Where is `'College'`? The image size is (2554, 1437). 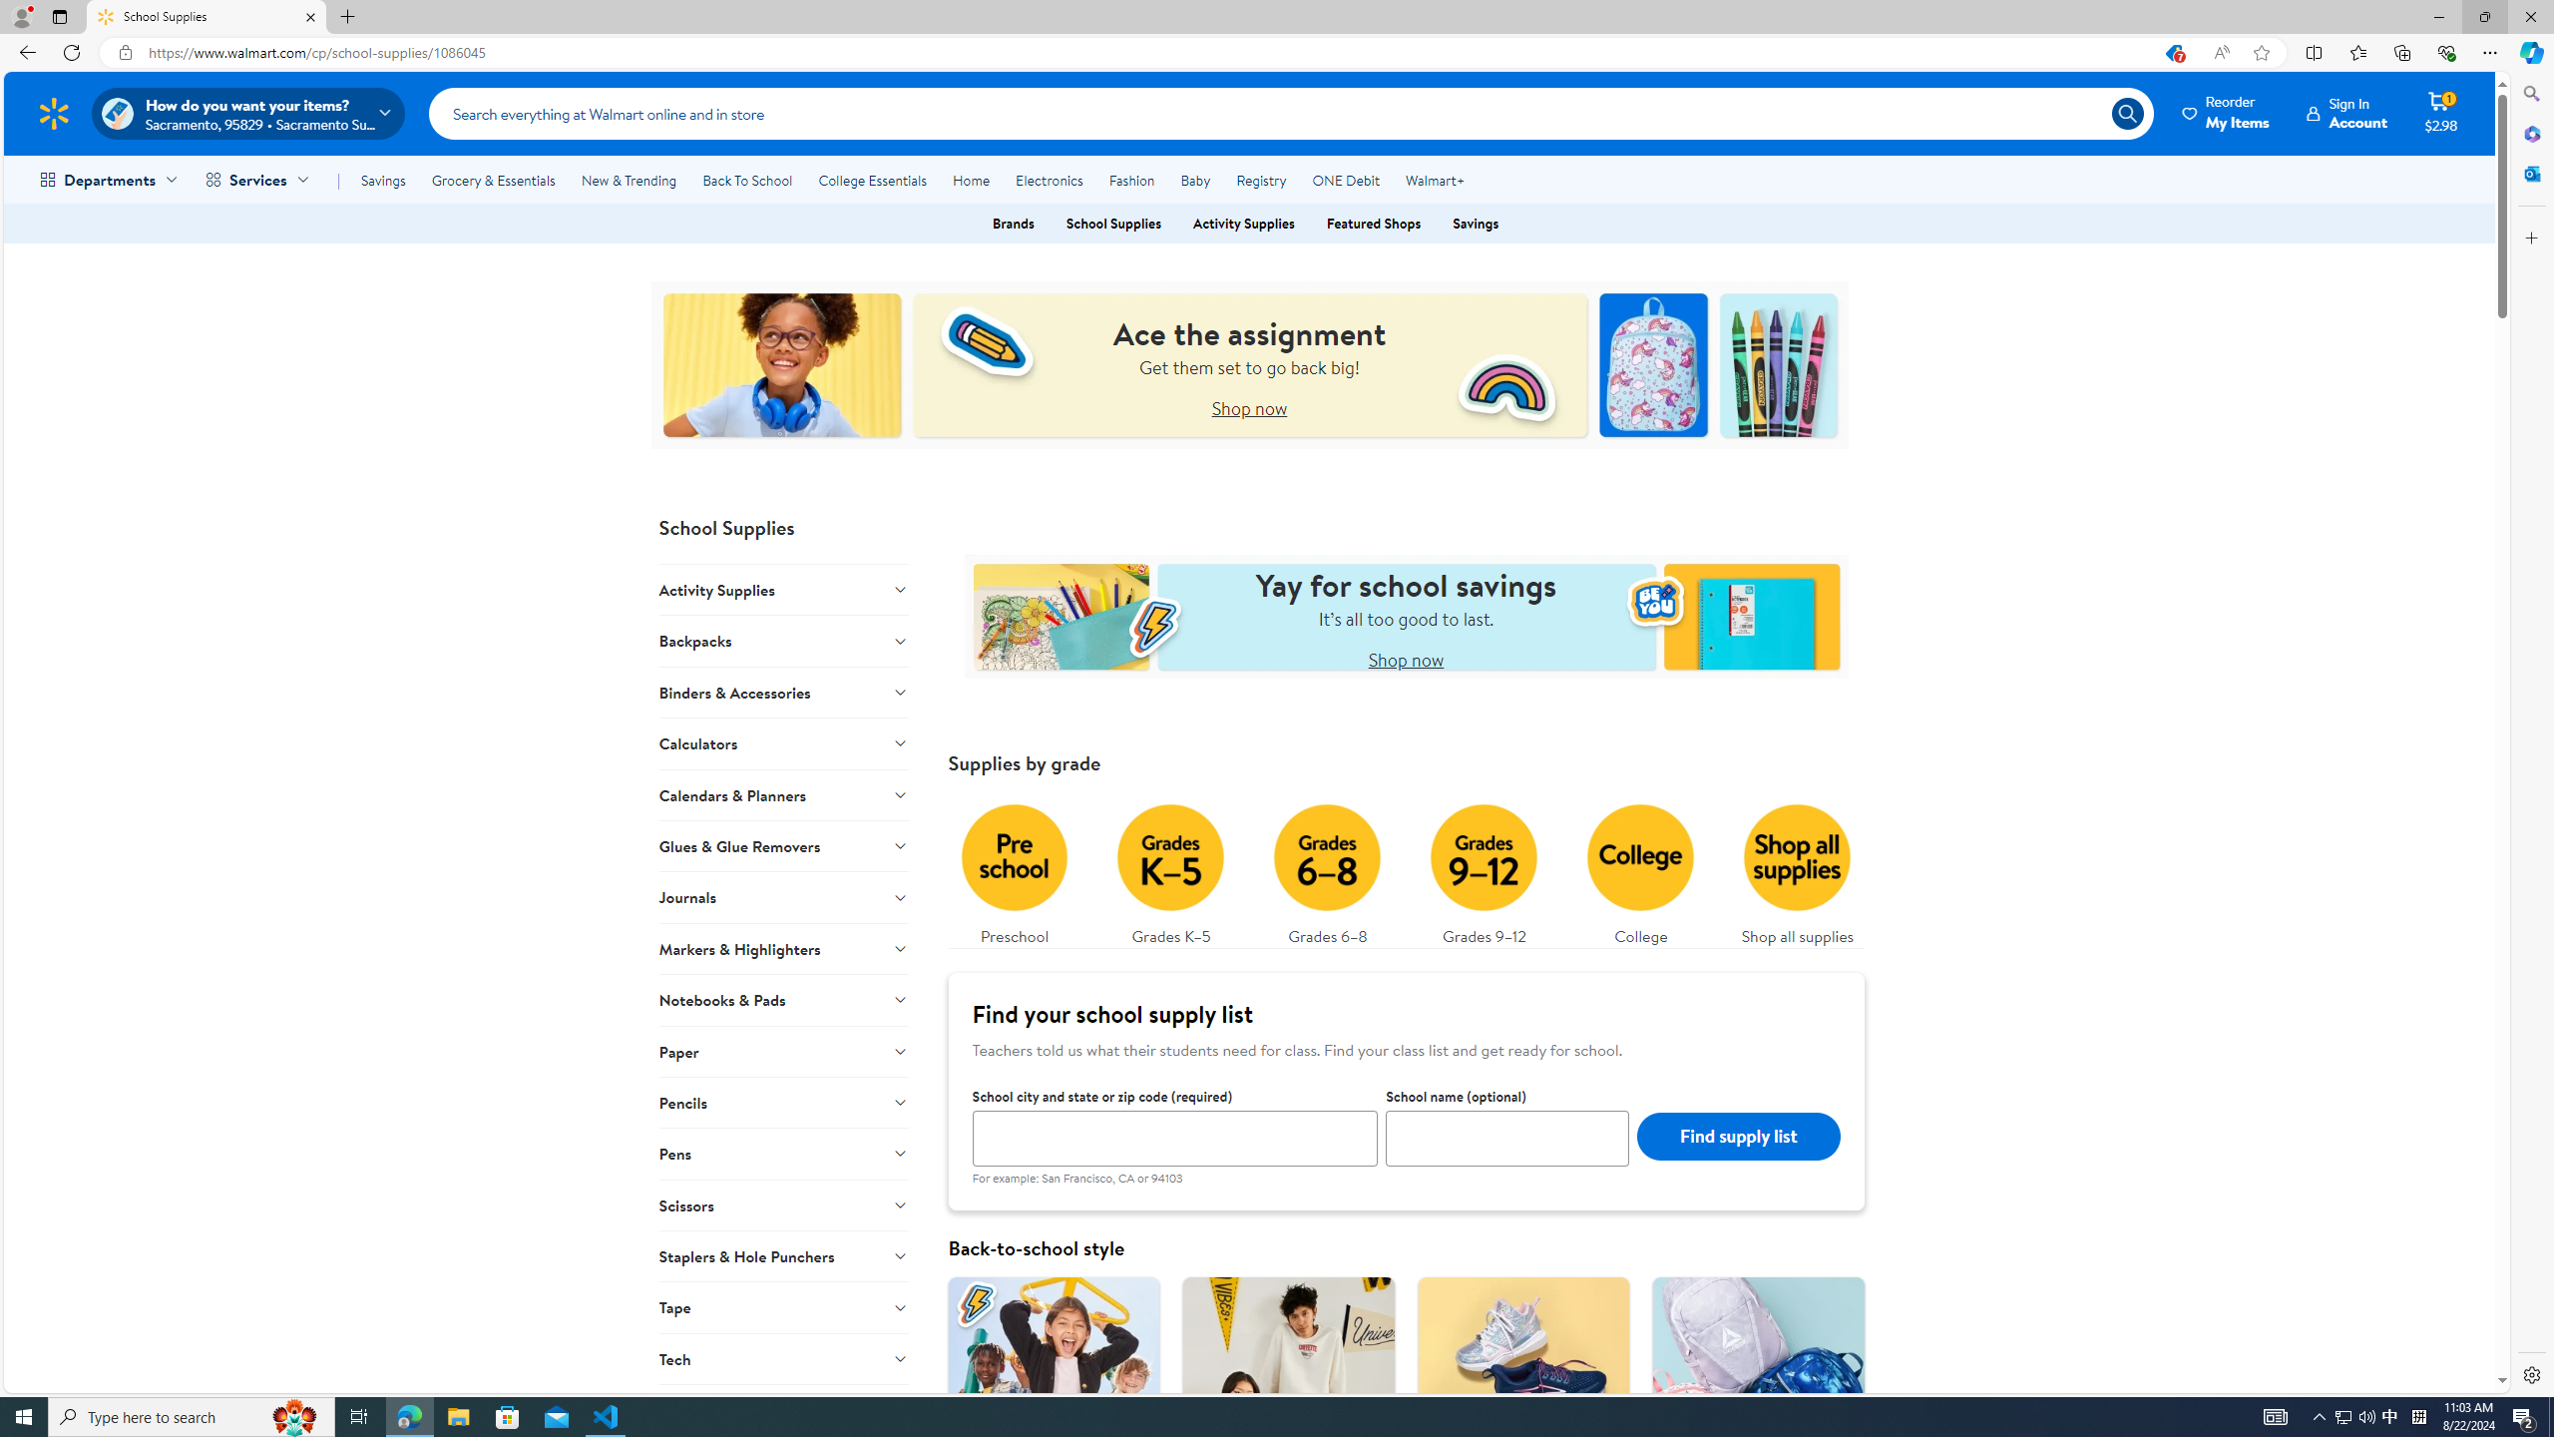
'College' is located at coordinates (1639, 868).